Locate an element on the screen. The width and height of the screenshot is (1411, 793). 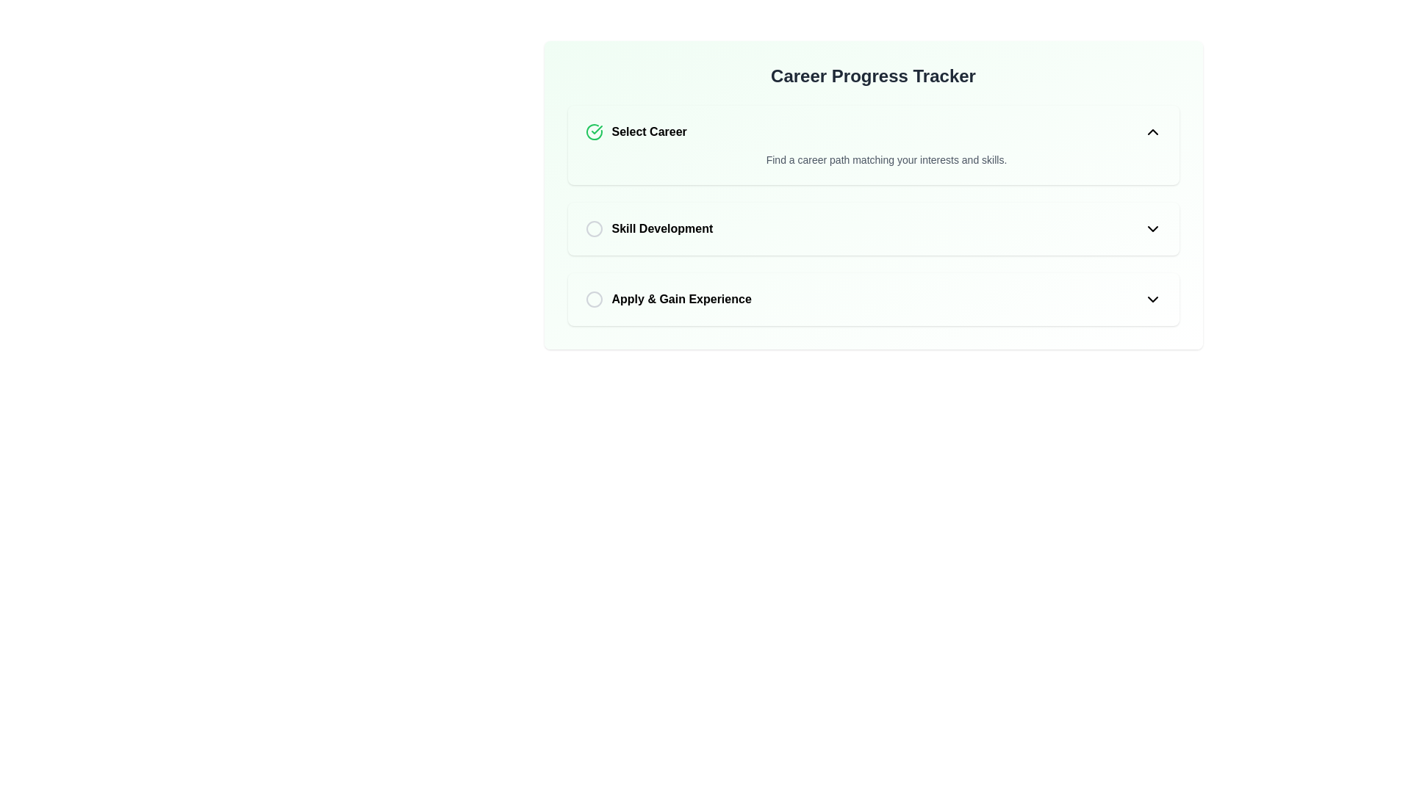
the dropdown menu trigger for the 'Skill Development' section, which is positioned below the 'Select Career' section and above the 'Apply & Gain Experience' section is located at coordinates (873, 229).